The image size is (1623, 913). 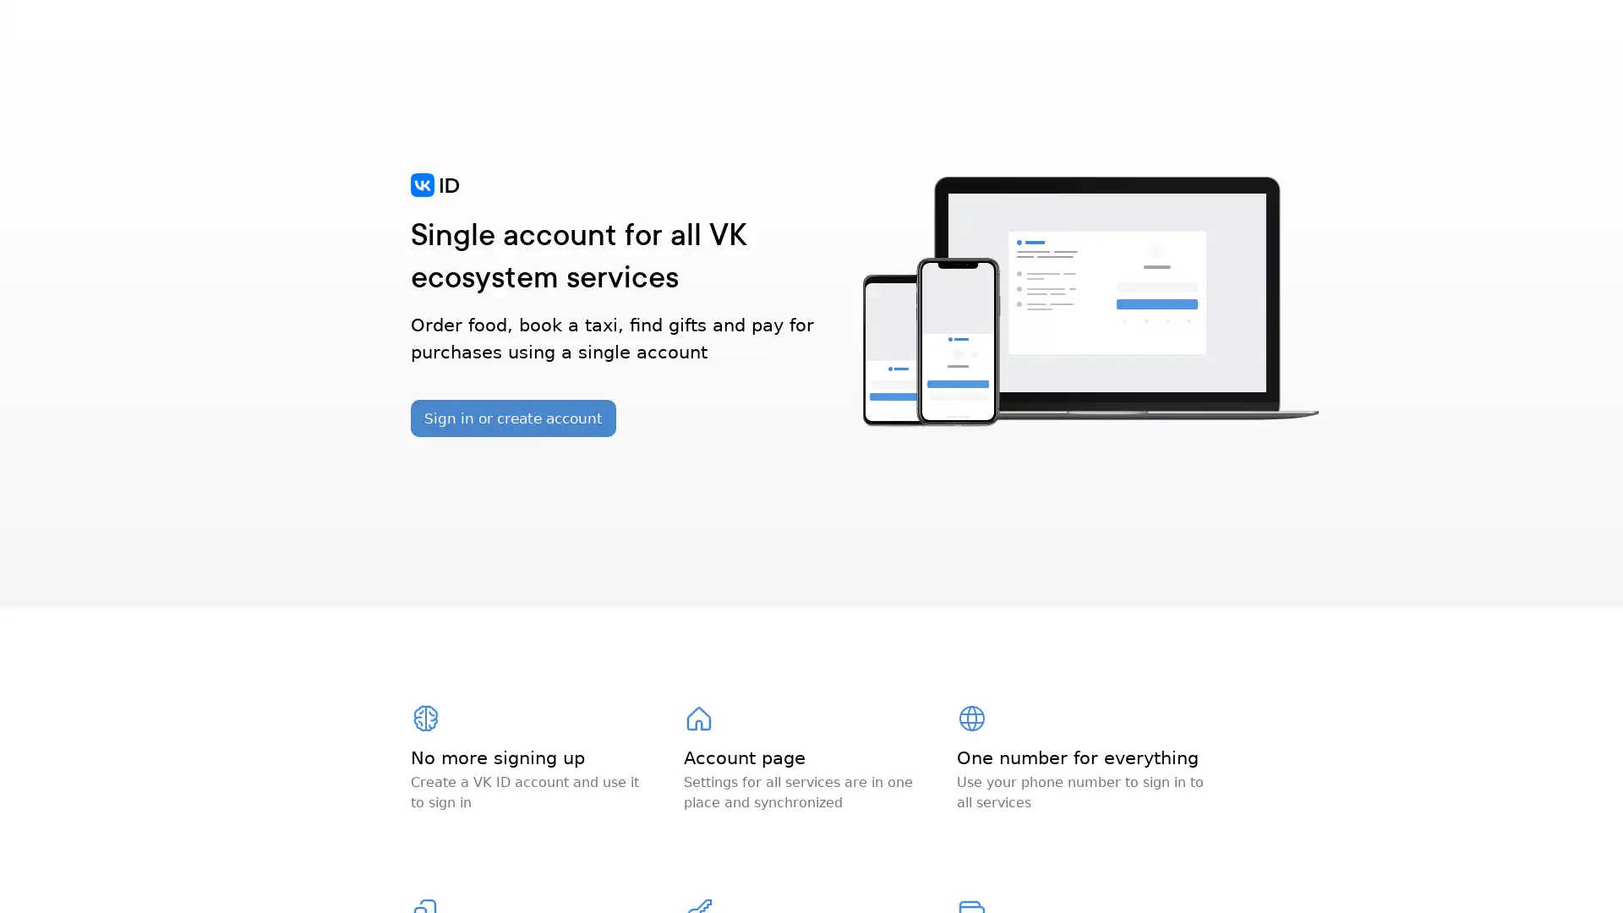 What do you see at coordinates (511, 417) in the screenshot?
I see `Sign in or create account` at bounding box center [511, 417].